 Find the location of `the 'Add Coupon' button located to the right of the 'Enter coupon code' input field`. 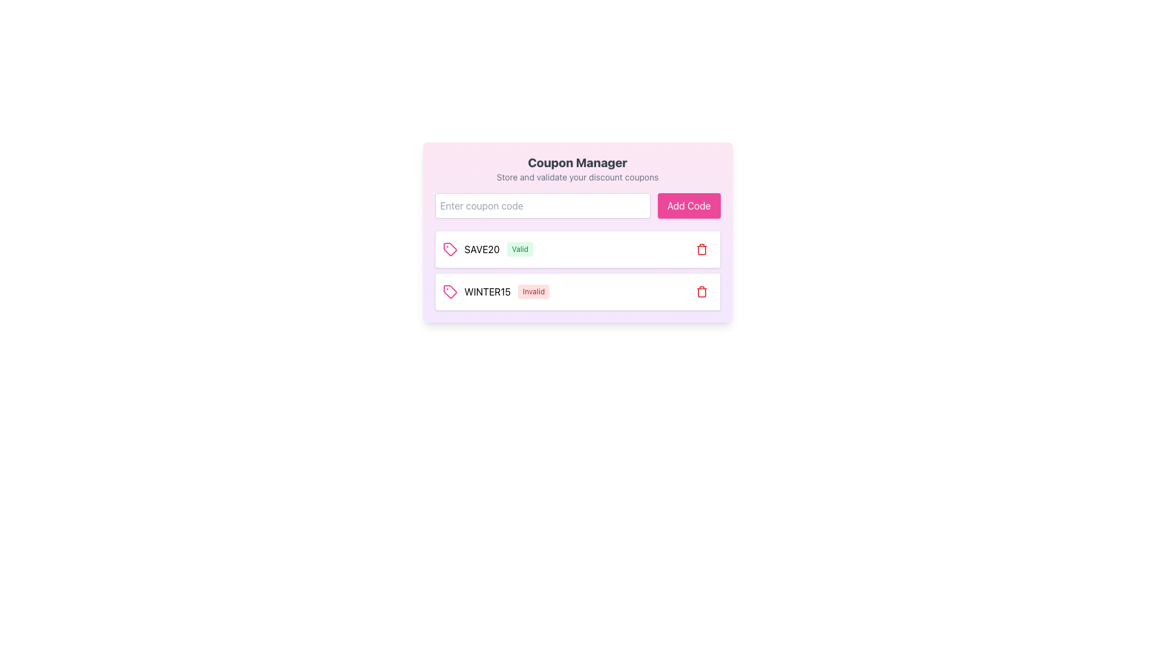

the 'Add Coupon' button located to the right of the 'Enter coupon code' input field is located at coordinates (689, 205).